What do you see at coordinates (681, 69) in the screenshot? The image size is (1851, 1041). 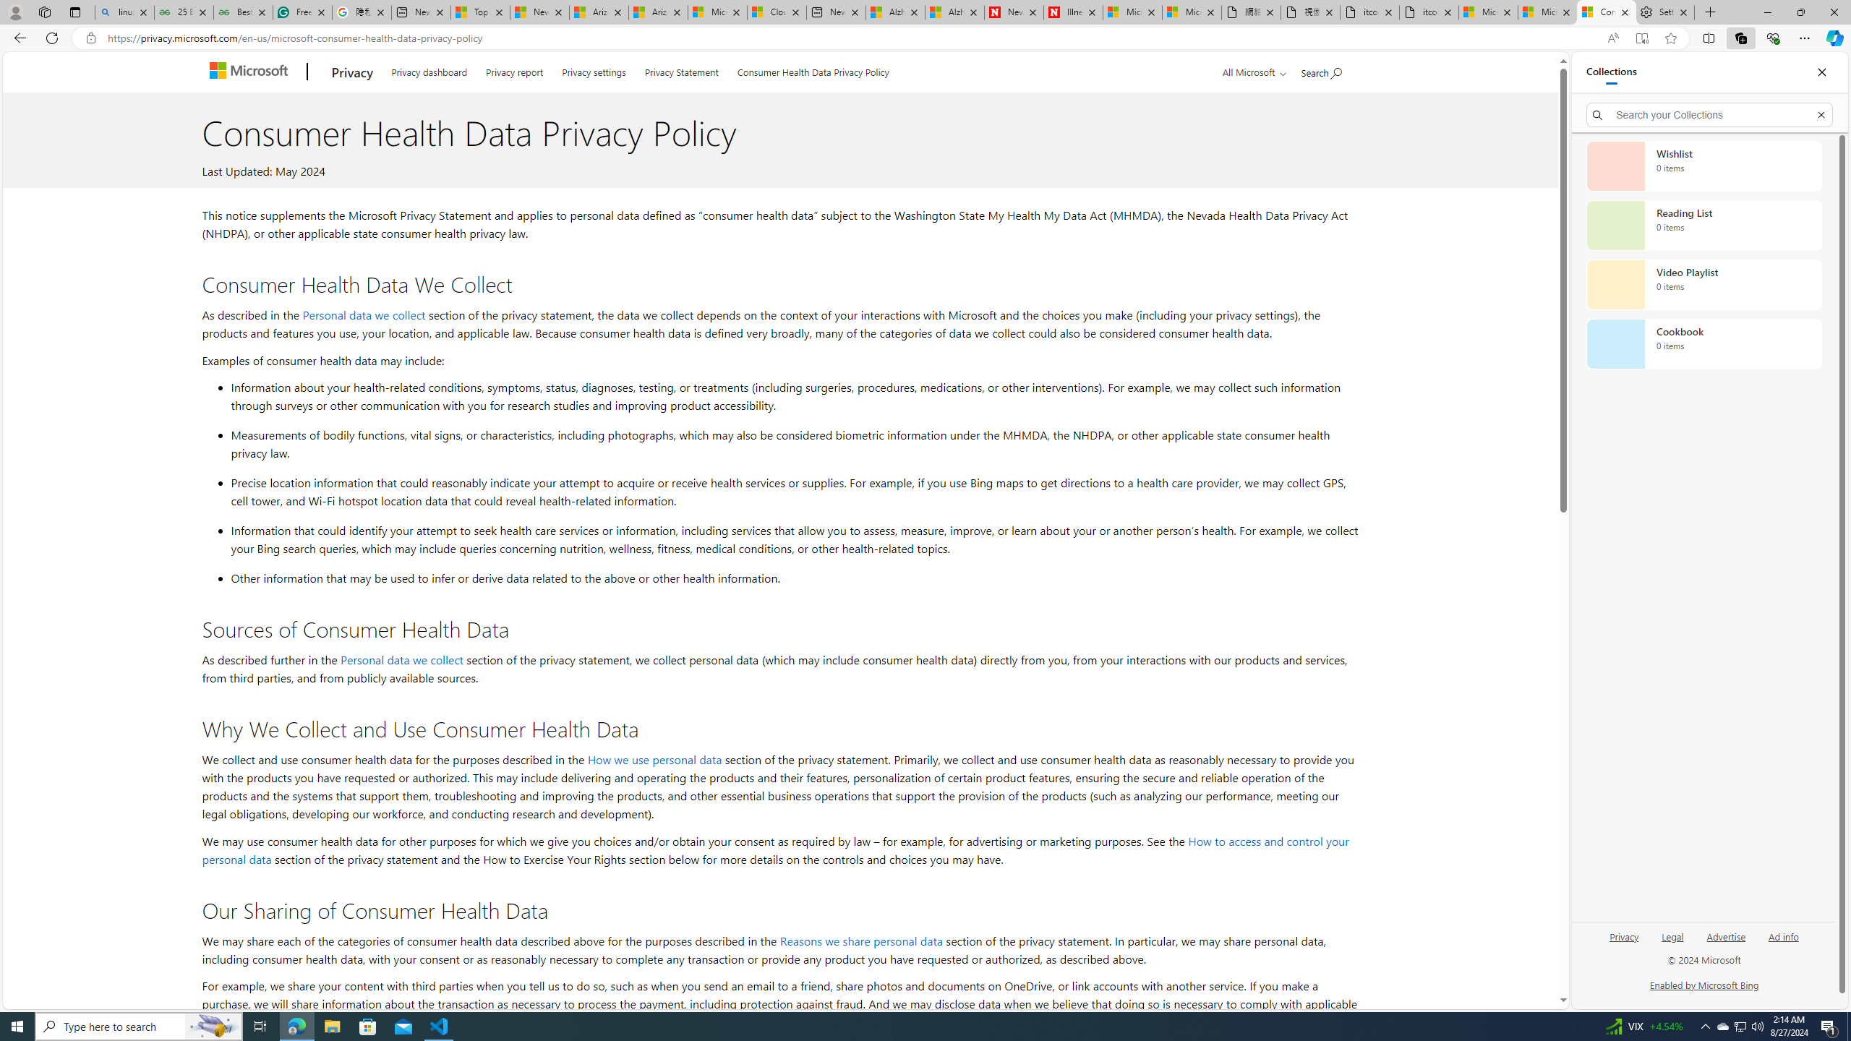 I see `'Privacy Statement'` at bounding box center [681, 69].